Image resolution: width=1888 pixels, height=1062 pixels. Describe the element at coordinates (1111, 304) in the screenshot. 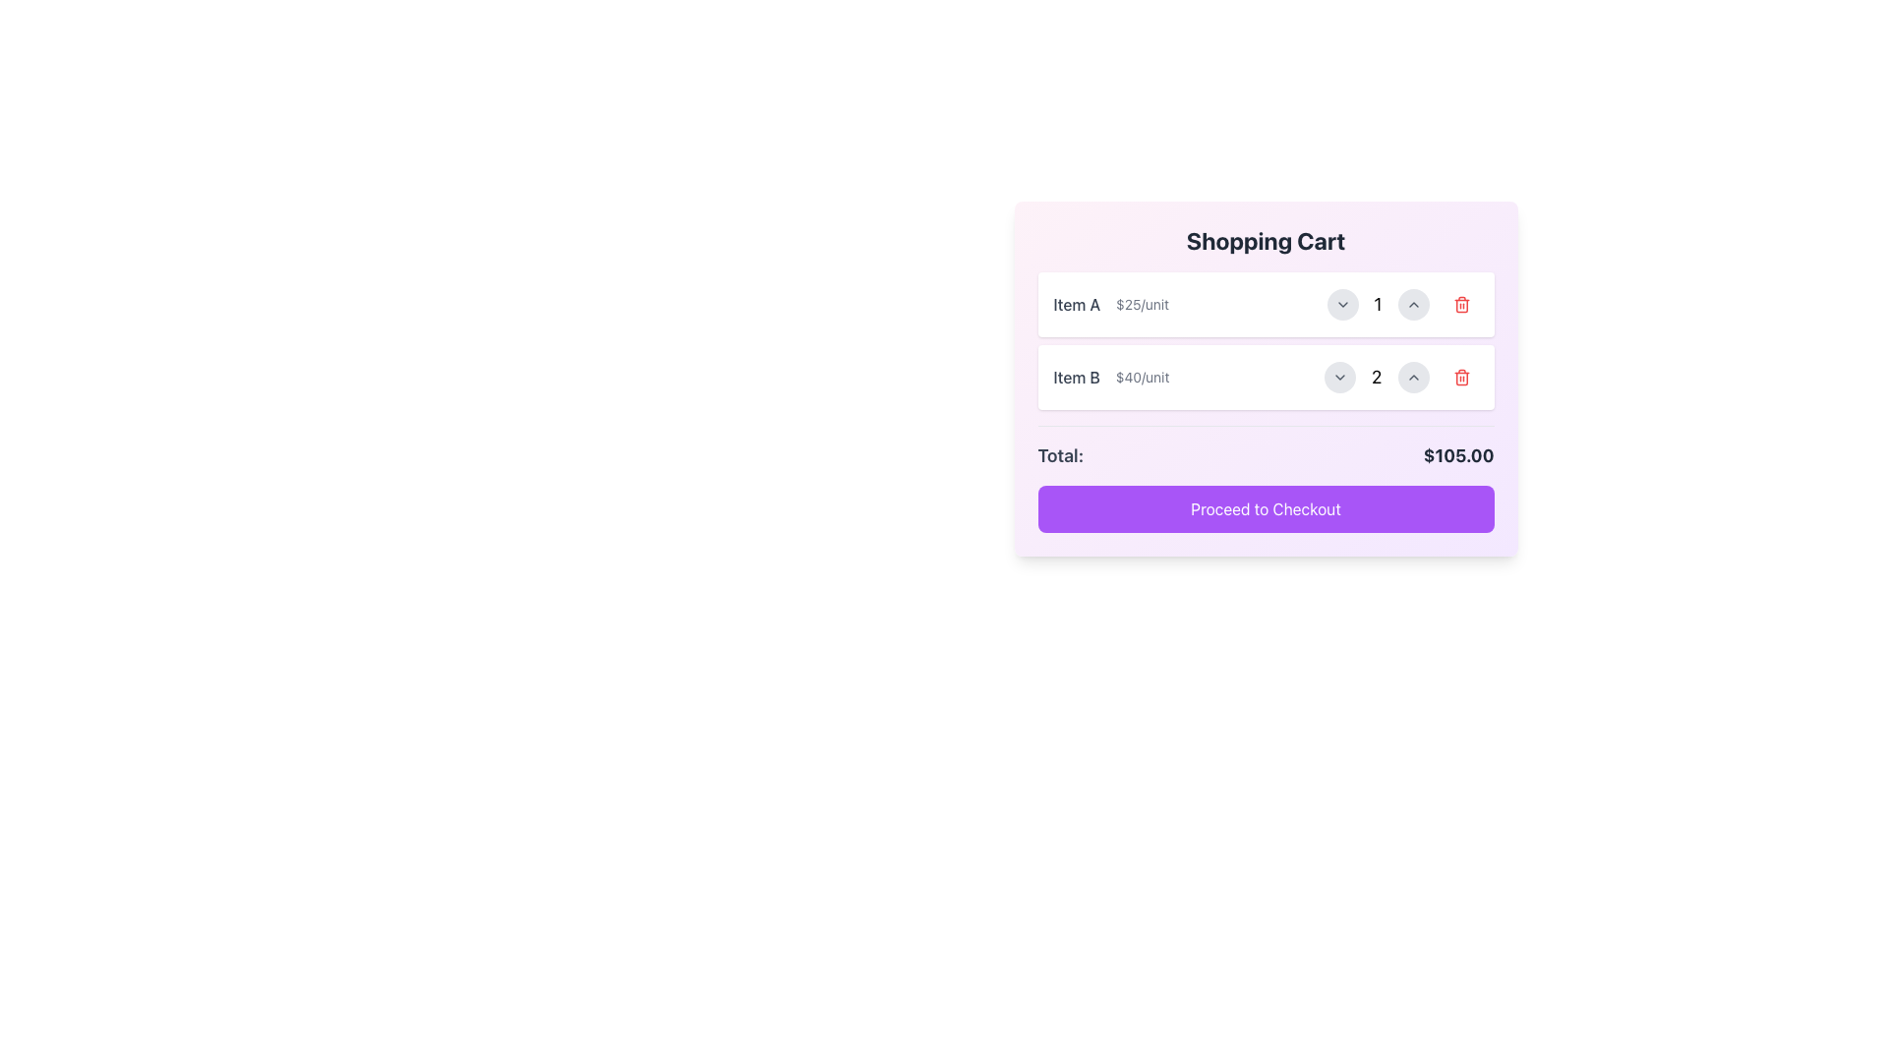

I see `the text label displaying 'Item A' and '$25/unit' in the shopping cart interface, located at the top-left corner of the item's section` at that location.